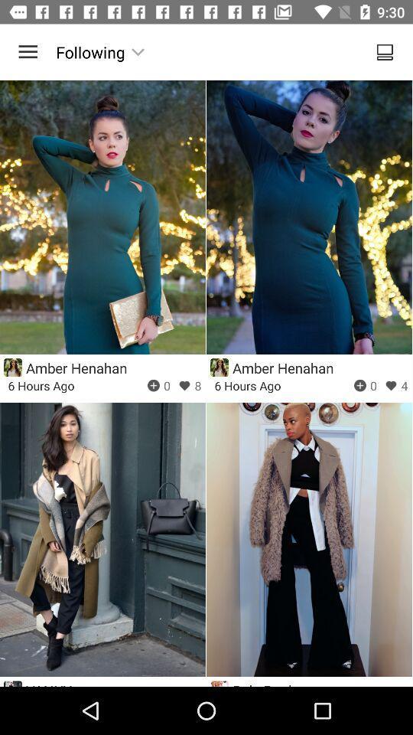 The height and width of the screenshot is (735, 413). What do you see at coordinates (12, 367) in the screenshot?
I see `icon represented the user profile` at bounding box center [12, 367].